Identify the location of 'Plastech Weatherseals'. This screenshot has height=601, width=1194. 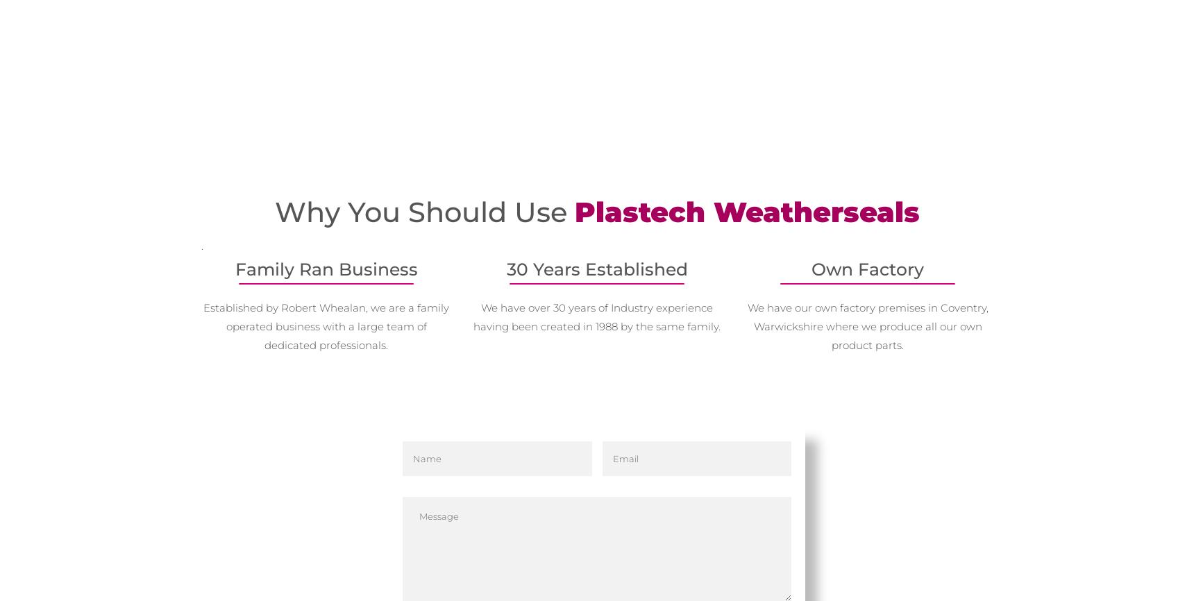
(746, 211).